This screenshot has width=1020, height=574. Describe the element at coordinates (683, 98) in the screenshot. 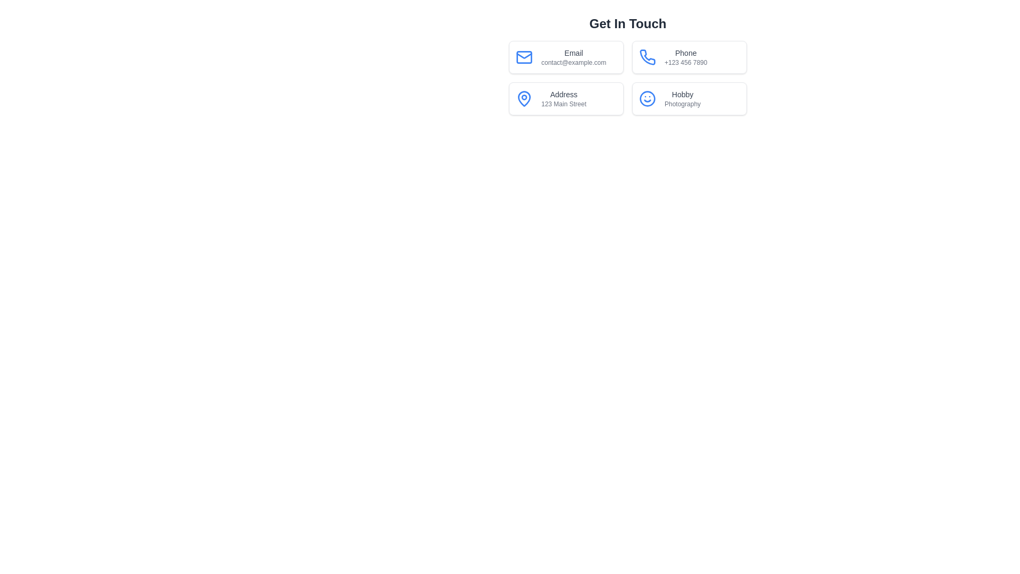

I see `text displayed in the Text Display element which shows 'Hobby' in larger font and 'Photography' in smaller font, located in the bottom-right corner of the 'Get In Touch' grid` at that location.